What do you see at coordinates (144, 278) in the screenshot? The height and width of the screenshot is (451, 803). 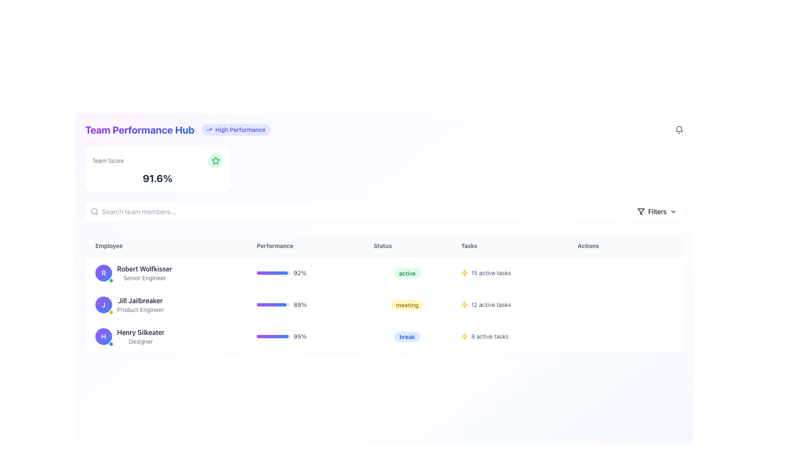 I see `the static text label displaying the job title under 'Robert Wolfkisser' in the 'Employee' column of the table` at bounding box center [144, 278].